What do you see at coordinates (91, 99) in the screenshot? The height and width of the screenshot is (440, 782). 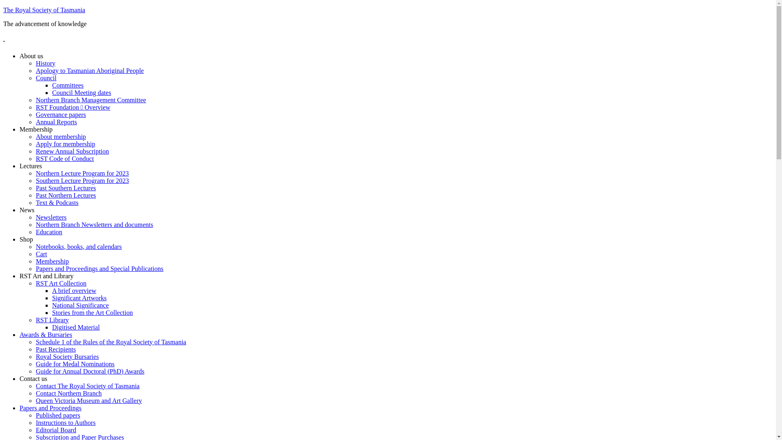 I see `'Northern Branch Management Committee'` at bounding box center [91, 99].